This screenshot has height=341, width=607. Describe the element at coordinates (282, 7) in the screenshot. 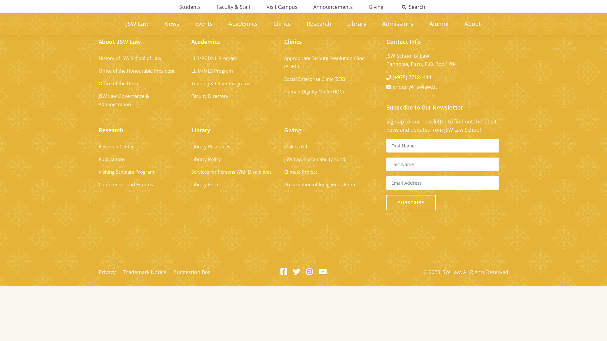

I see `'Visit Campus'` at that location.